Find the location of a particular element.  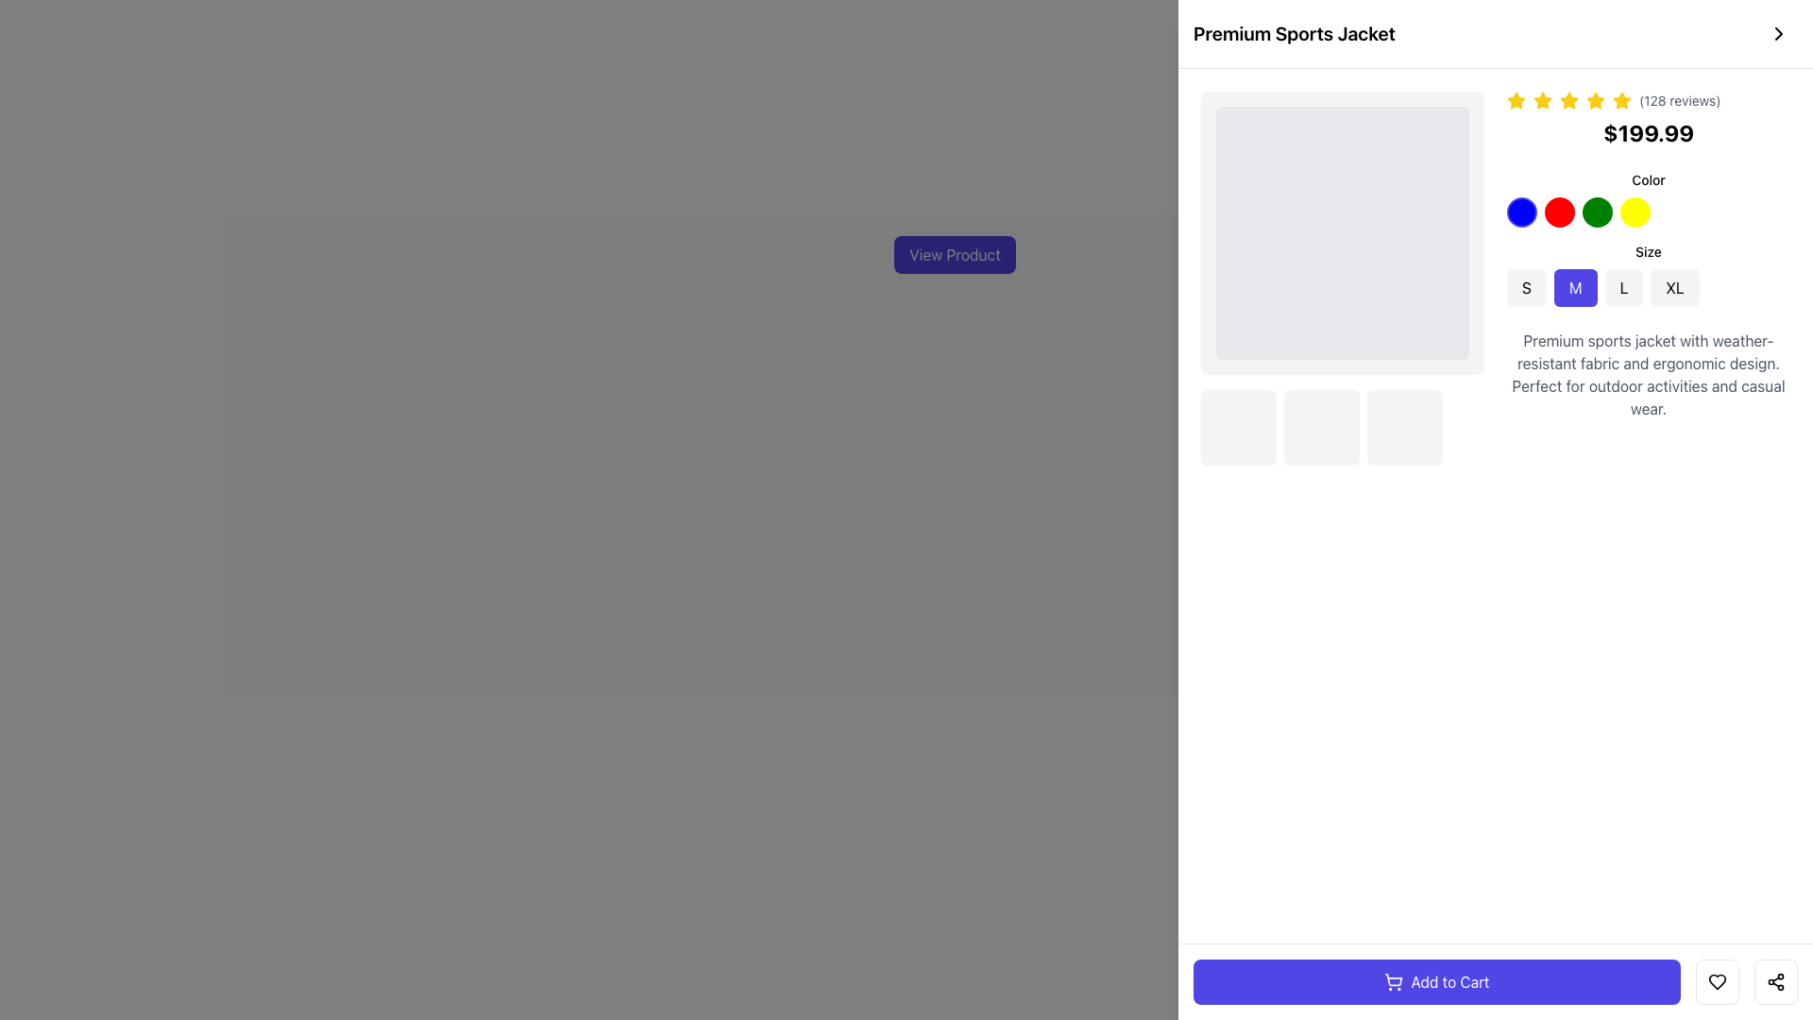

the second gold star icon in the rating system is located at coordinates (1568, 100).